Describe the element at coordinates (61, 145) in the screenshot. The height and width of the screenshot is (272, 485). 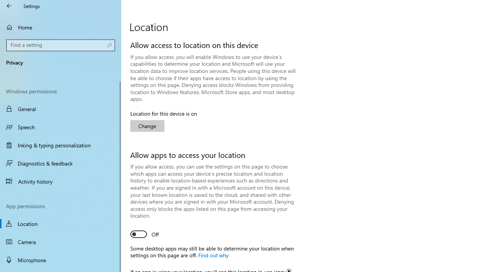
I see `'Inking & typing personalization'` at that location.